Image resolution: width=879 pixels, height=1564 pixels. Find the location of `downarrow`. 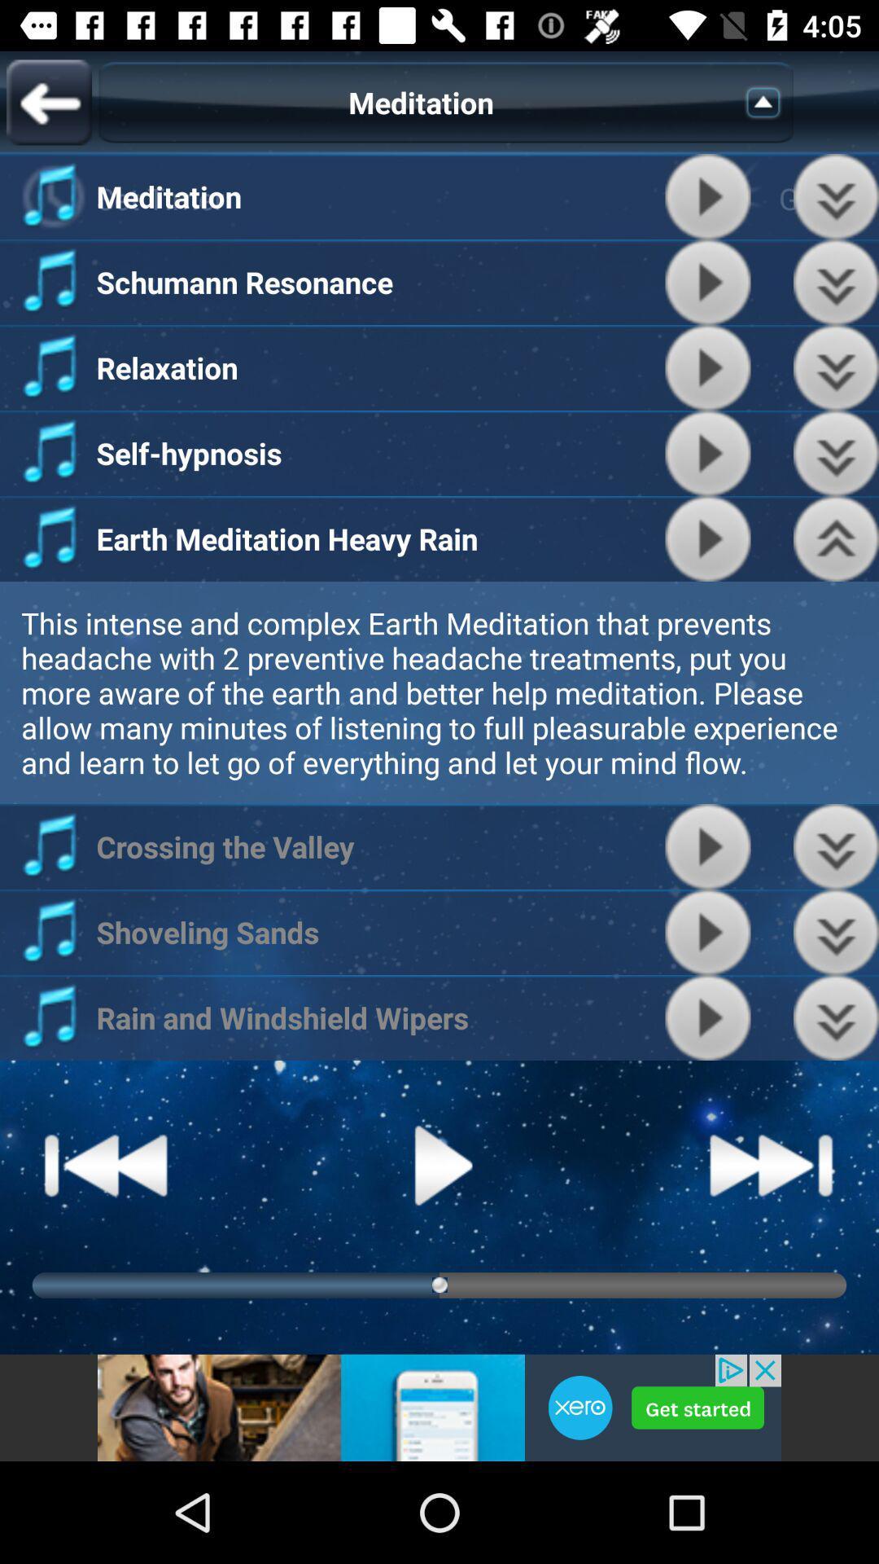

downarrow is located at coordinates (836, 195).